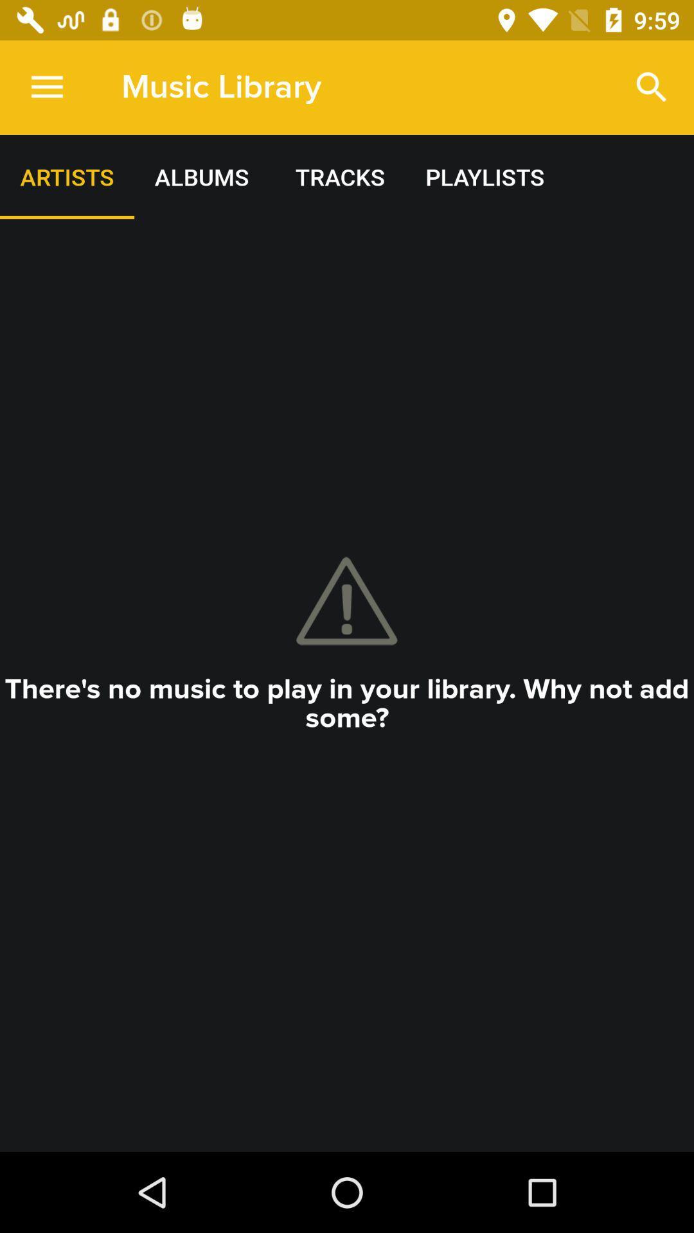 The height and width of the screenshot is (1233, 694). I want to click on the icon next to the music library icon, so click(652, 87).